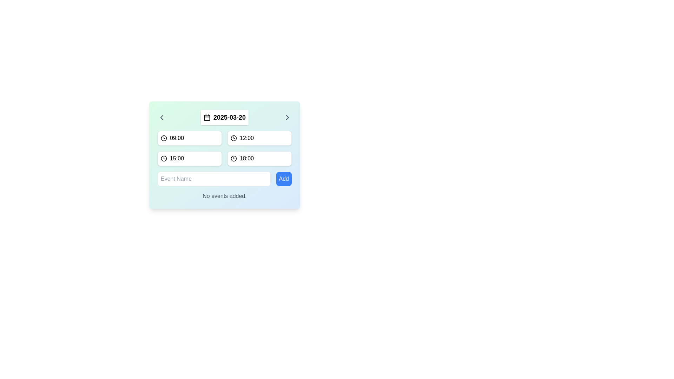 Image resolution: width=674 pixels, height=379 pixels. Describe the element at coordinates (163, 158) in the screenshot. I see `the small clock icon located in the second row, first column of the grid, which is styled in an outline format and displays the time '15:00'` at that location.